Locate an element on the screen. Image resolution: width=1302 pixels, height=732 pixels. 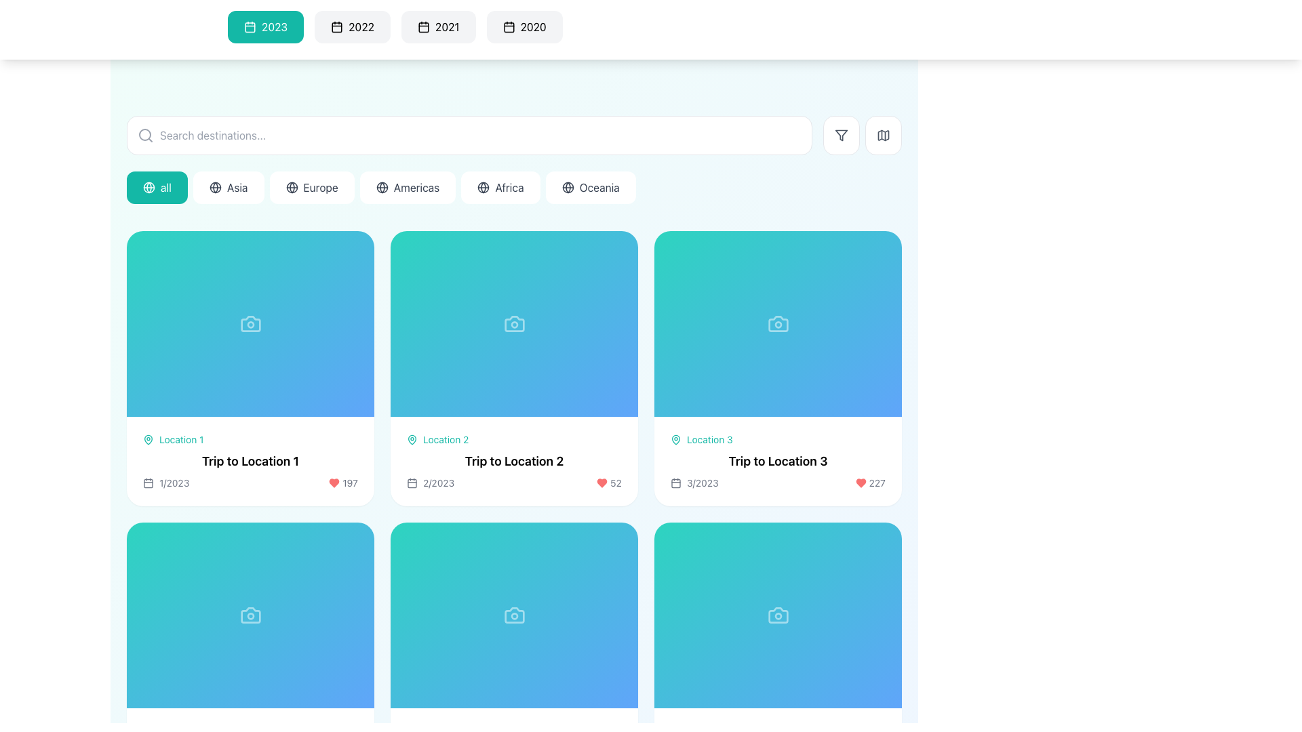
the button labeled '2022' with a calendar icon is located at coordinates (353, 26).